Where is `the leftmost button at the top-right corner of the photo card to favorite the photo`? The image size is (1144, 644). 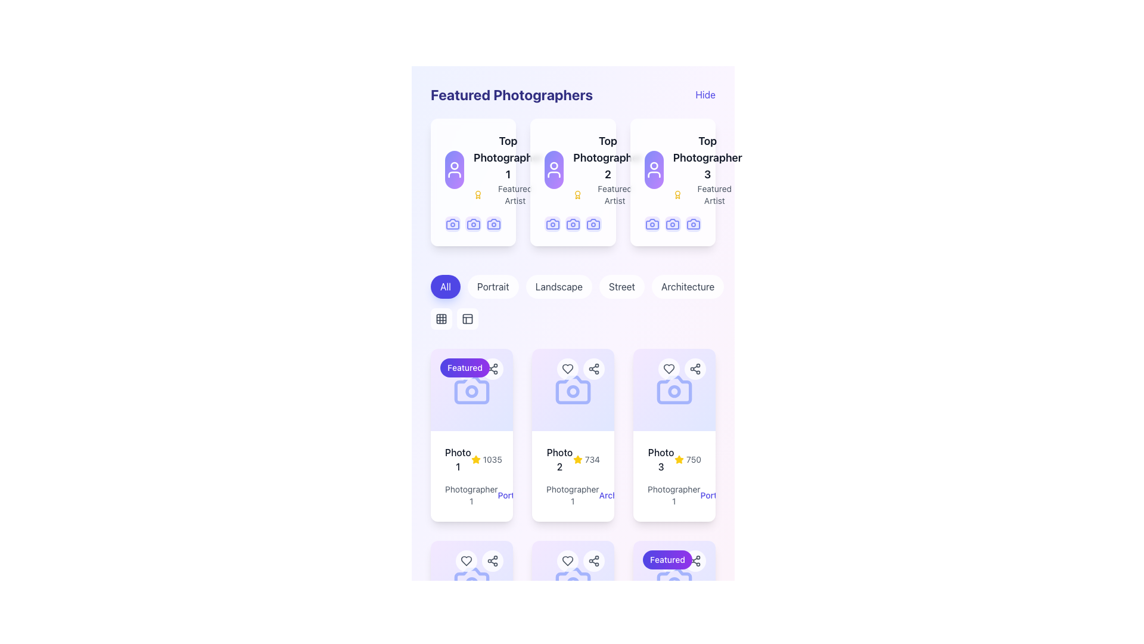 the leftmost button at the top-right corner of the photo card to favorite the photo is located at coordinates (465, 561).